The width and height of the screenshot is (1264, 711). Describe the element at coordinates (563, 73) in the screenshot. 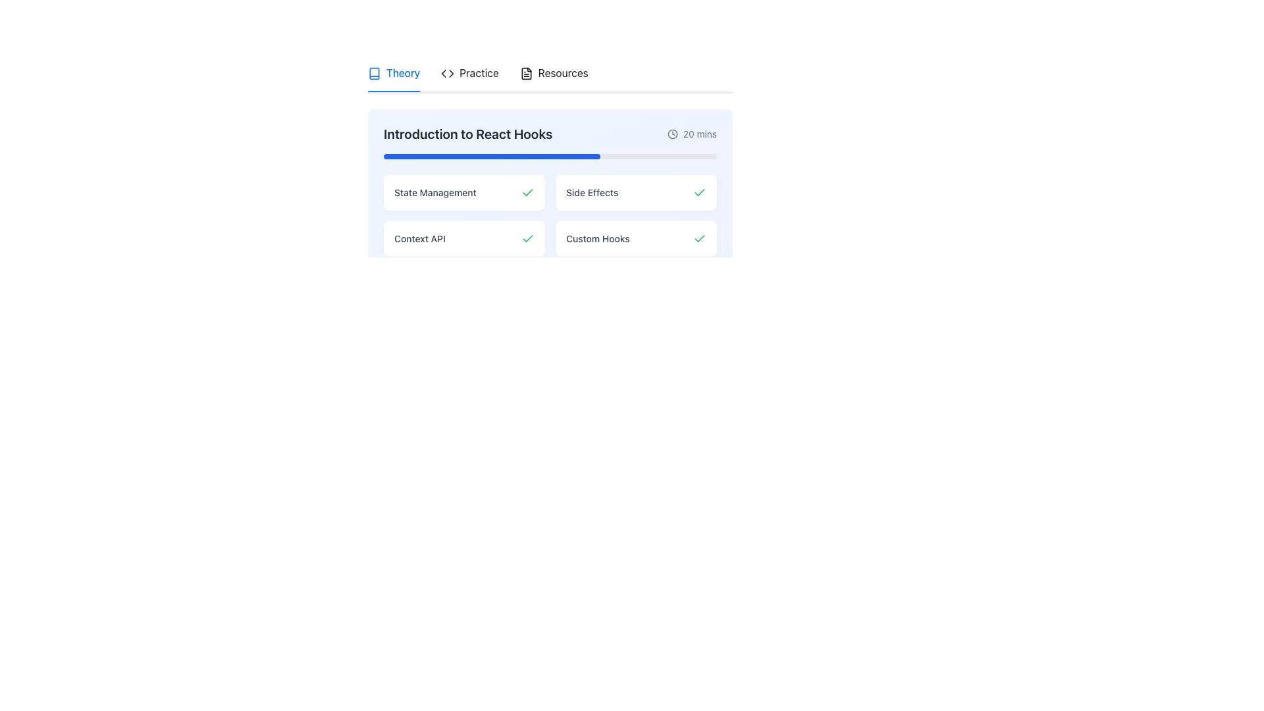

I see `the 'Resources' text label in the top navigation bar` at that location.